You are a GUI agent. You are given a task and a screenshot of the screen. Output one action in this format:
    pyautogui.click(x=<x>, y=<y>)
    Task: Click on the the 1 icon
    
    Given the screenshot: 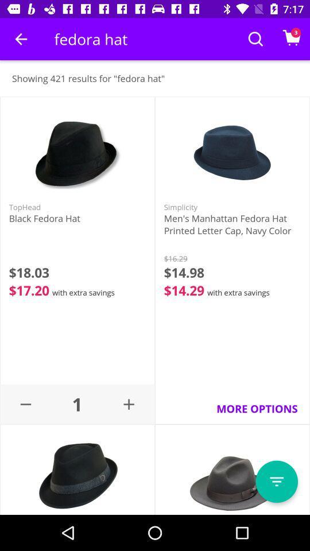 What is the action you would take?
    pyautogui.click(x=77, y=404)
    